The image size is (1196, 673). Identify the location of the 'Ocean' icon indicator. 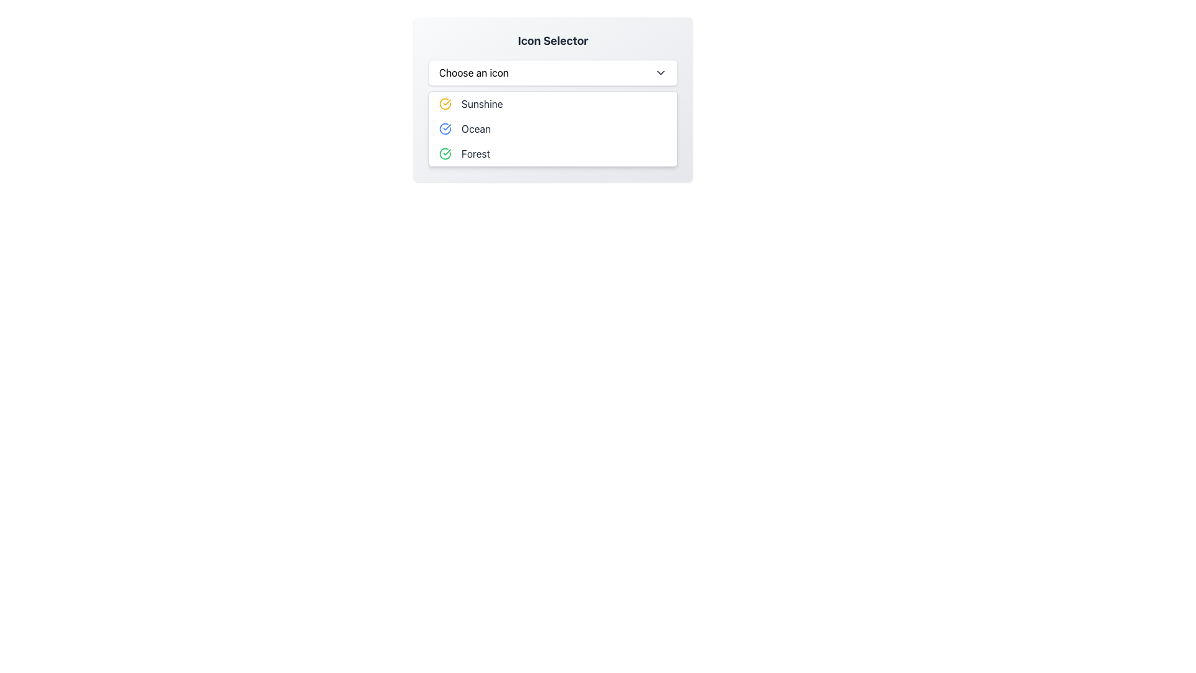
(445, 129).